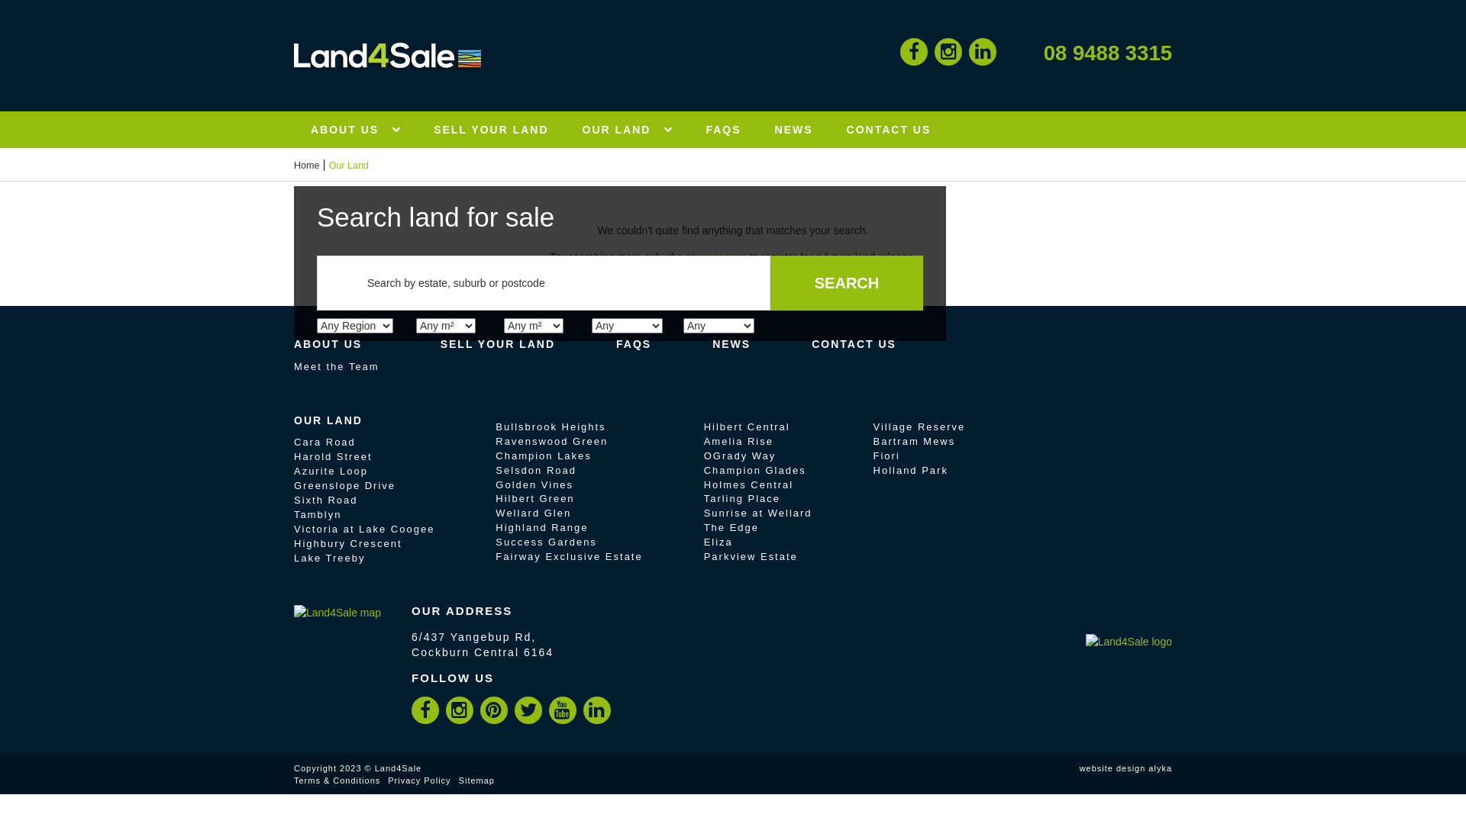  I want to click on 'Facebook', so click(913, 49).